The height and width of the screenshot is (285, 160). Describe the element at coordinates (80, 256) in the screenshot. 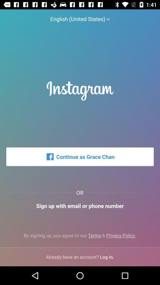

I see `the already have an item` at that location.